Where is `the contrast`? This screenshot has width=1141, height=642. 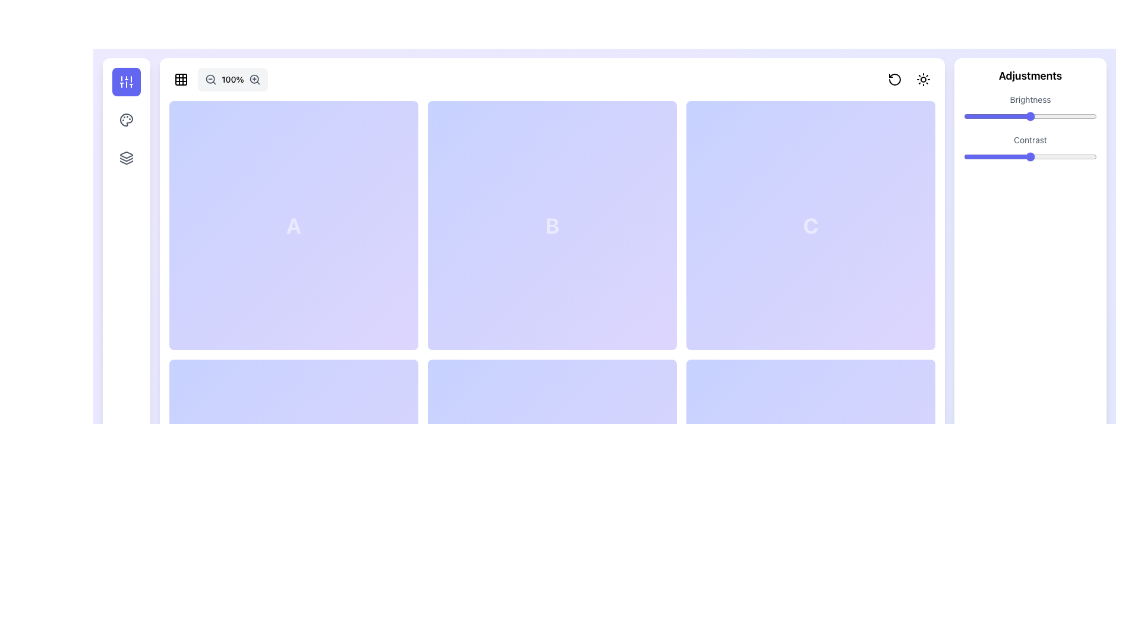 the contrast is located at coordinates (973, 156).